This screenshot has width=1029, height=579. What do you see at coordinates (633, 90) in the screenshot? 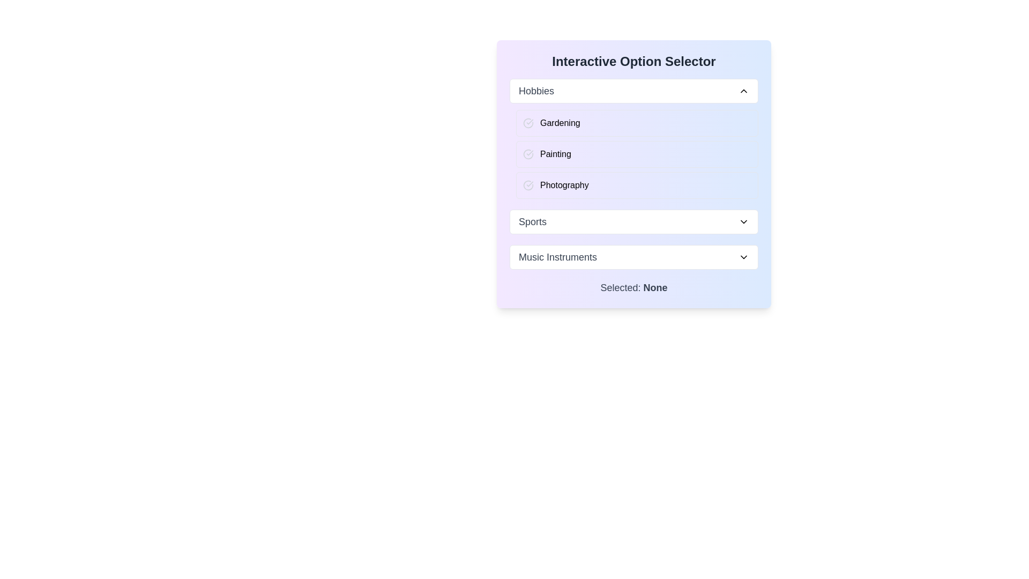
I see `the 'Hobbies' dropdown menu trigger by navigating through the interface` at bounding box center [633, 90].